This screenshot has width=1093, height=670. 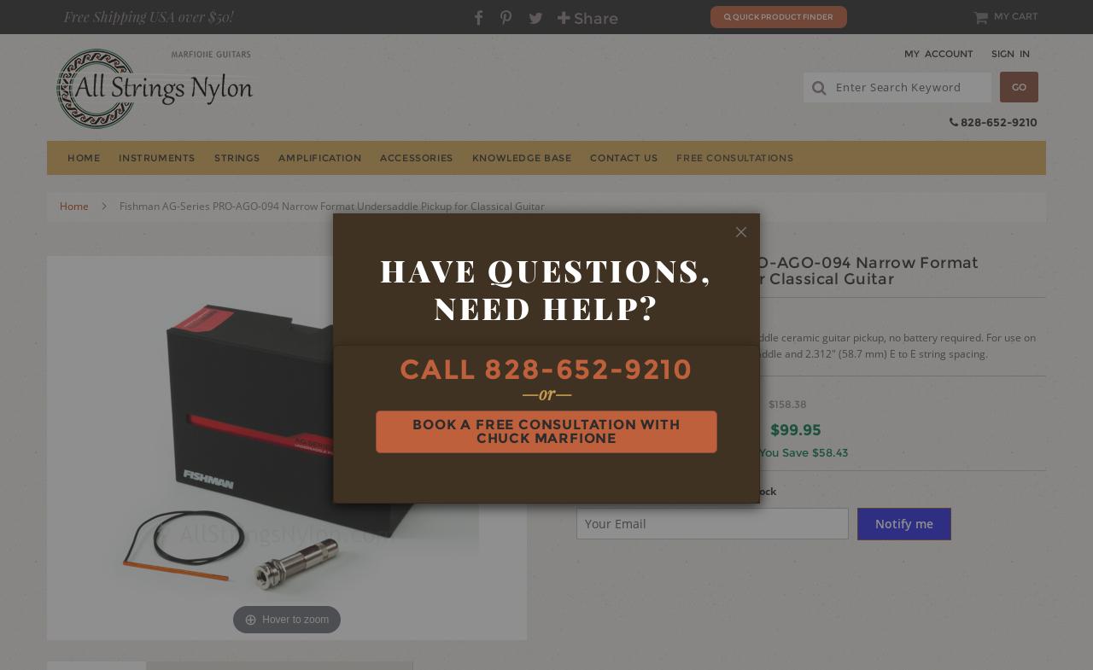 What do you see at coordinates (622, 157) in the screenshot?
I see `'Contact Us'` at bounding box center [622, 157].